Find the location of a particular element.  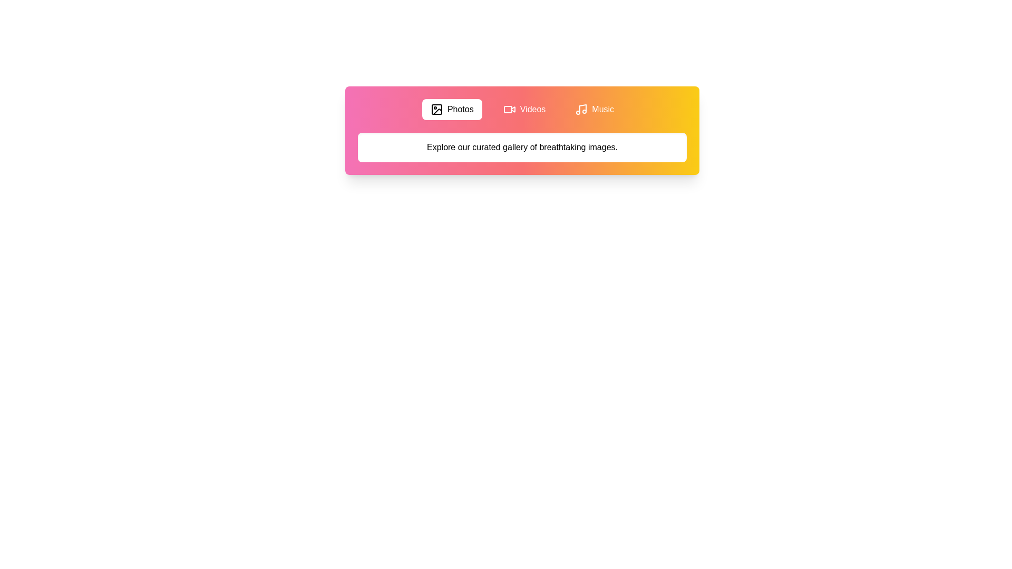

the Videos tab by clicking its button is located at coordinates (524, 110).